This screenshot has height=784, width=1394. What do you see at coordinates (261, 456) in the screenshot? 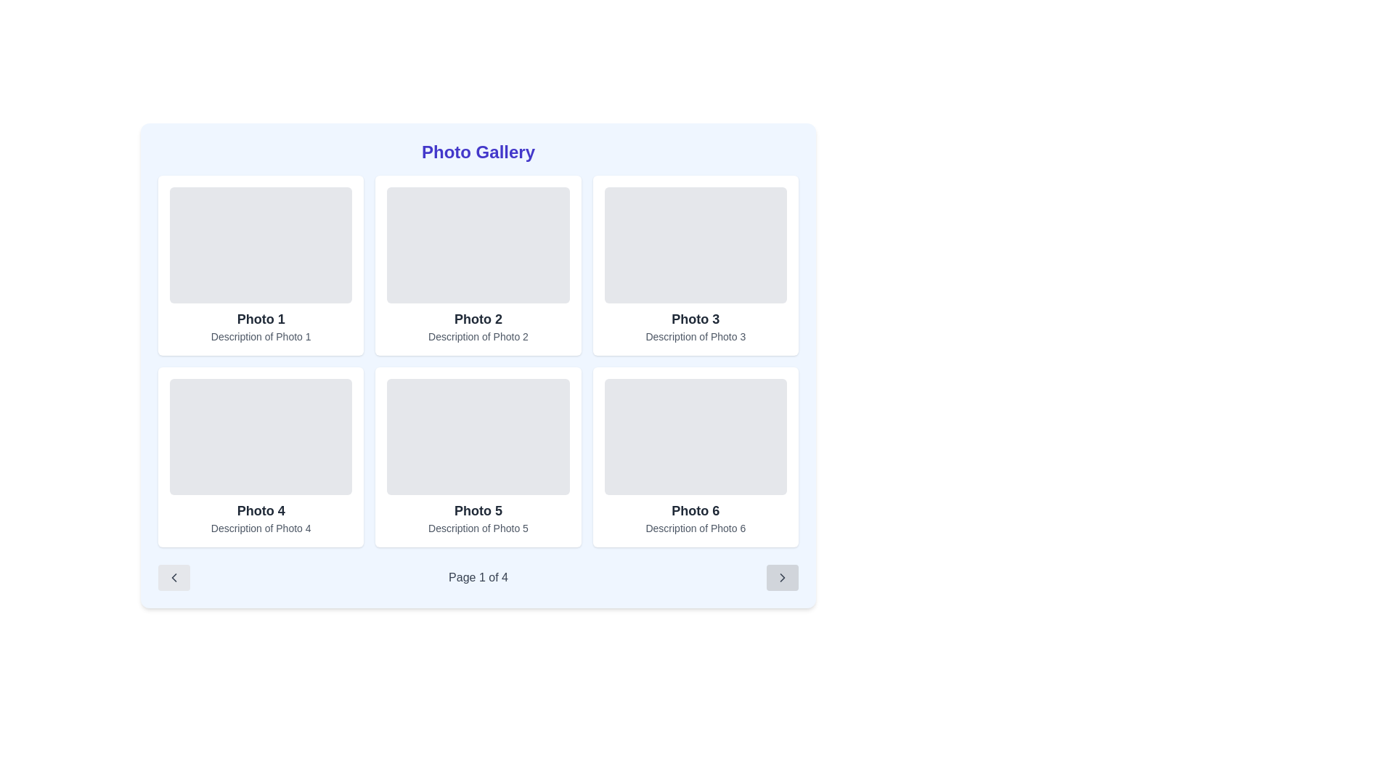
I see `the card located in the bottom left corner of the grid layout` at bounding box center [261, 456].